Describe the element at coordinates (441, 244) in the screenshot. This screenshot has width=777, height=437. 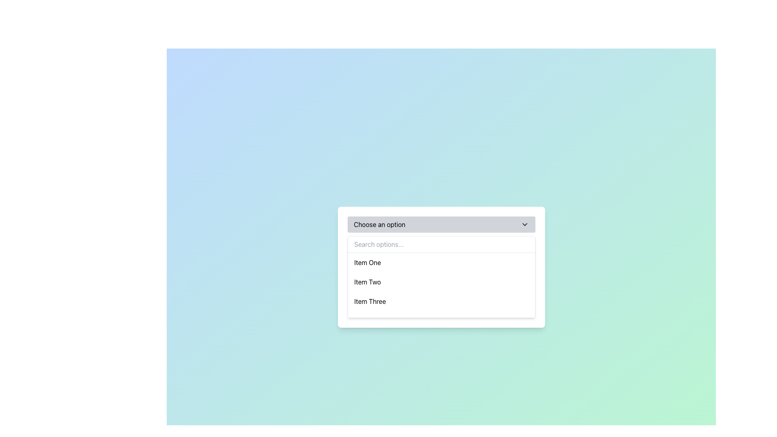
I see `the search bar located below the 'Choose an option' dropdown and above the list of selectable items to focus on it` at that location.